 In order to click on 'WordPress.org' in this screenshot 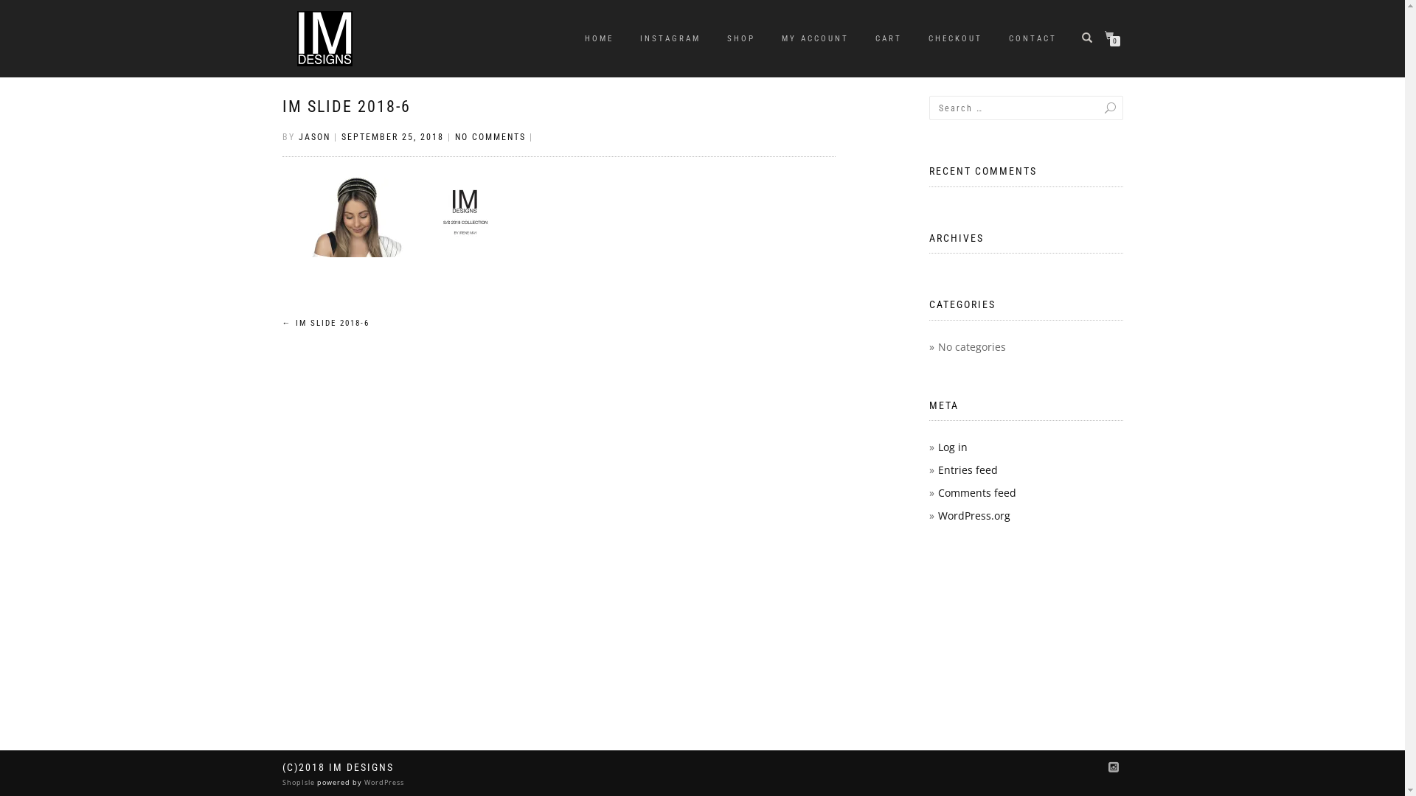, I will do `click(974, 514)`.